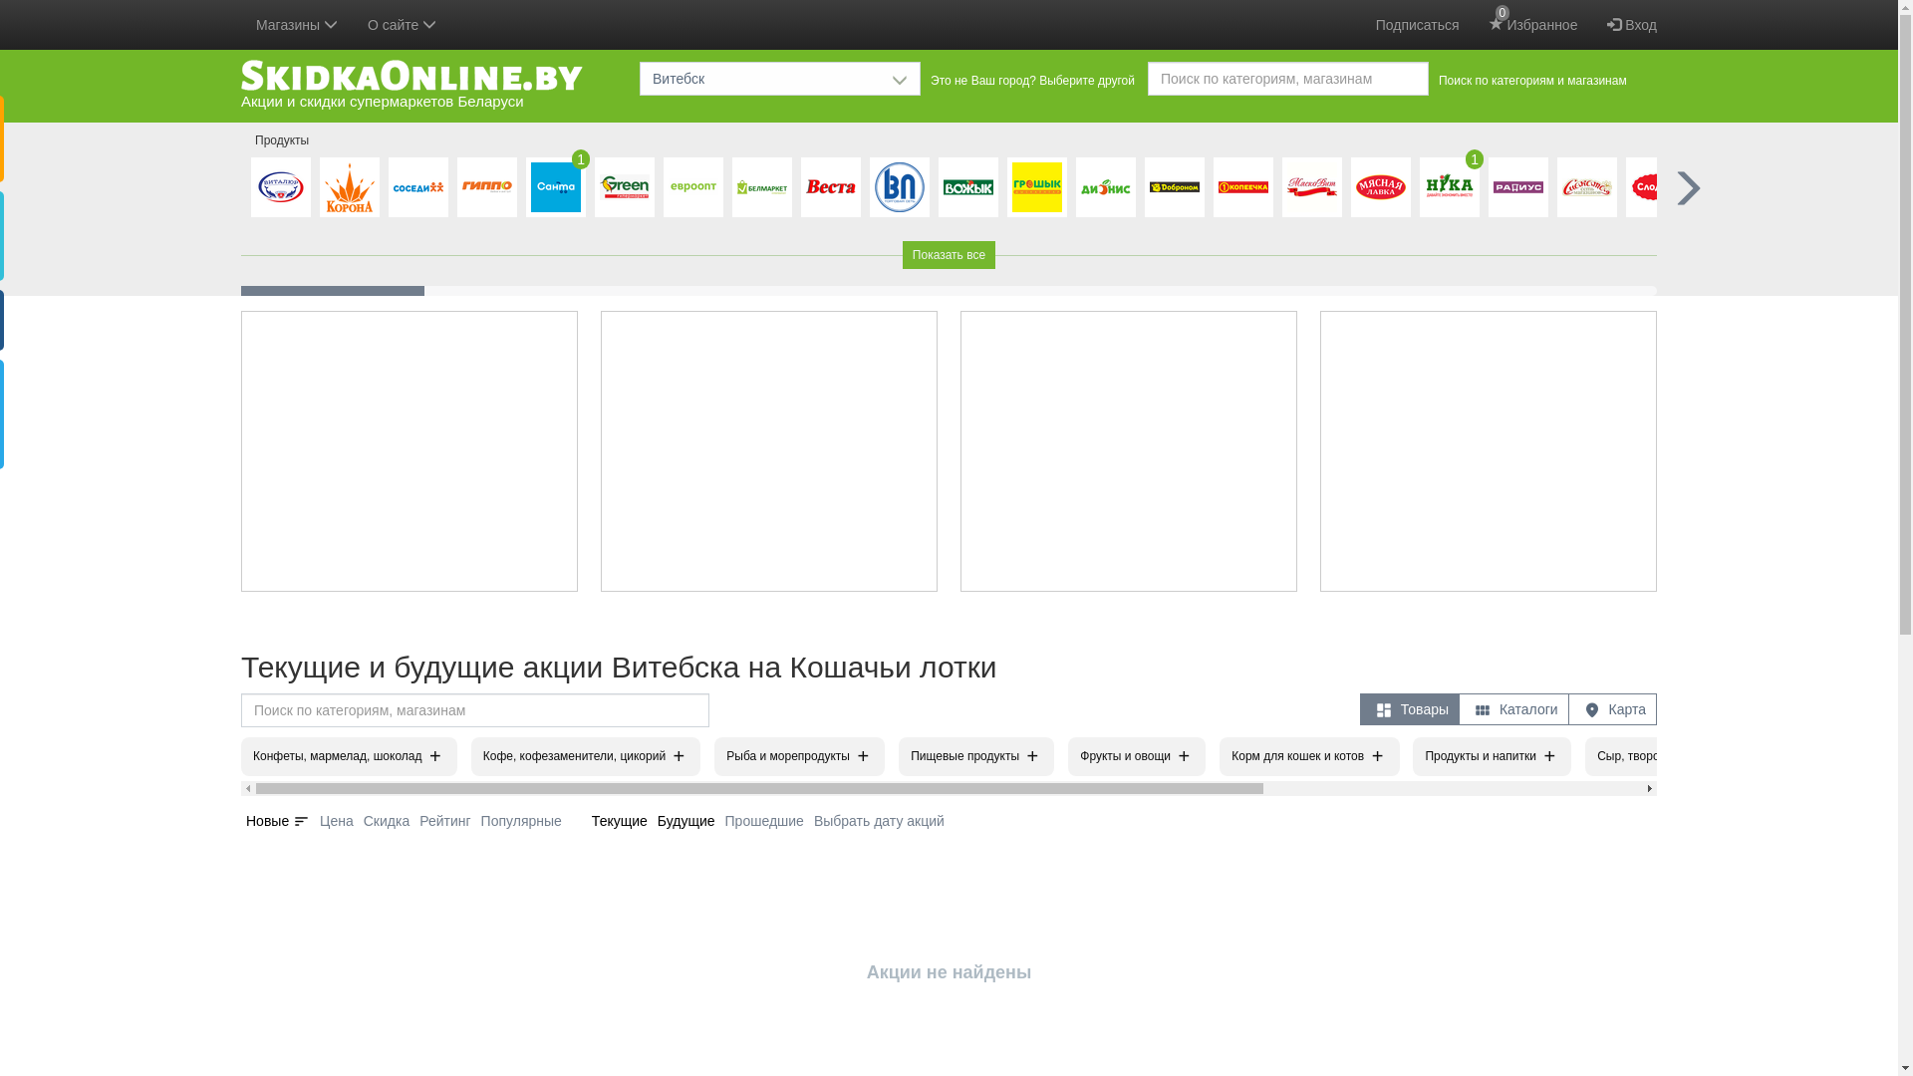  Describe the element at coordinates (624, 187) in the screenshot. I see `'Green'` at that location.